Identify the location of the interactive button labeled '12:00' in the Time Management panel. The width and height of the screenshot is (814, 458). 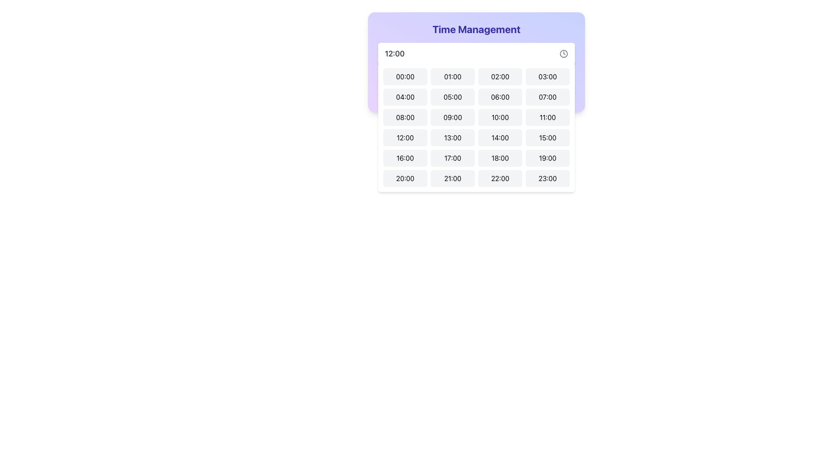
(404, 137).